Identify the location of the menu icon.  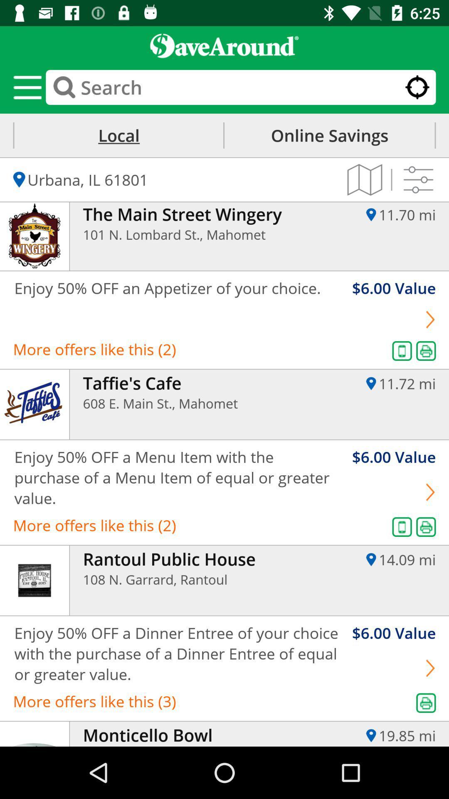
(27, 87).